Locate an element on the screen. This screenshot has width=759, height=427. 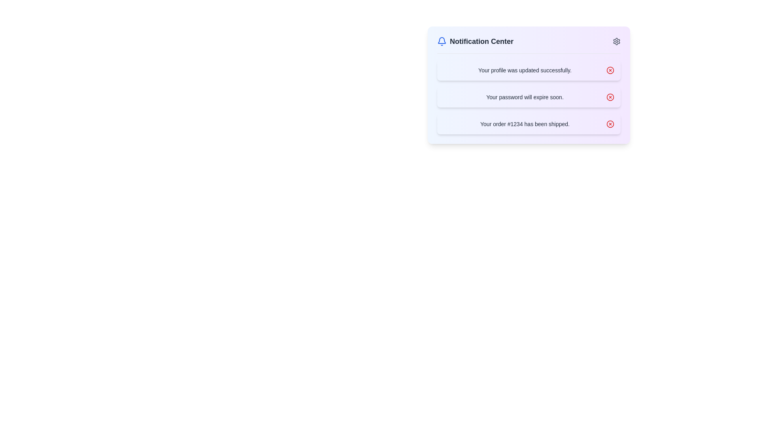
information displayed in the text element that states 'Your order #1234 has been shipped.' situated as the third notification item from the top in the Notification Center is located at coordinates (525, 124).